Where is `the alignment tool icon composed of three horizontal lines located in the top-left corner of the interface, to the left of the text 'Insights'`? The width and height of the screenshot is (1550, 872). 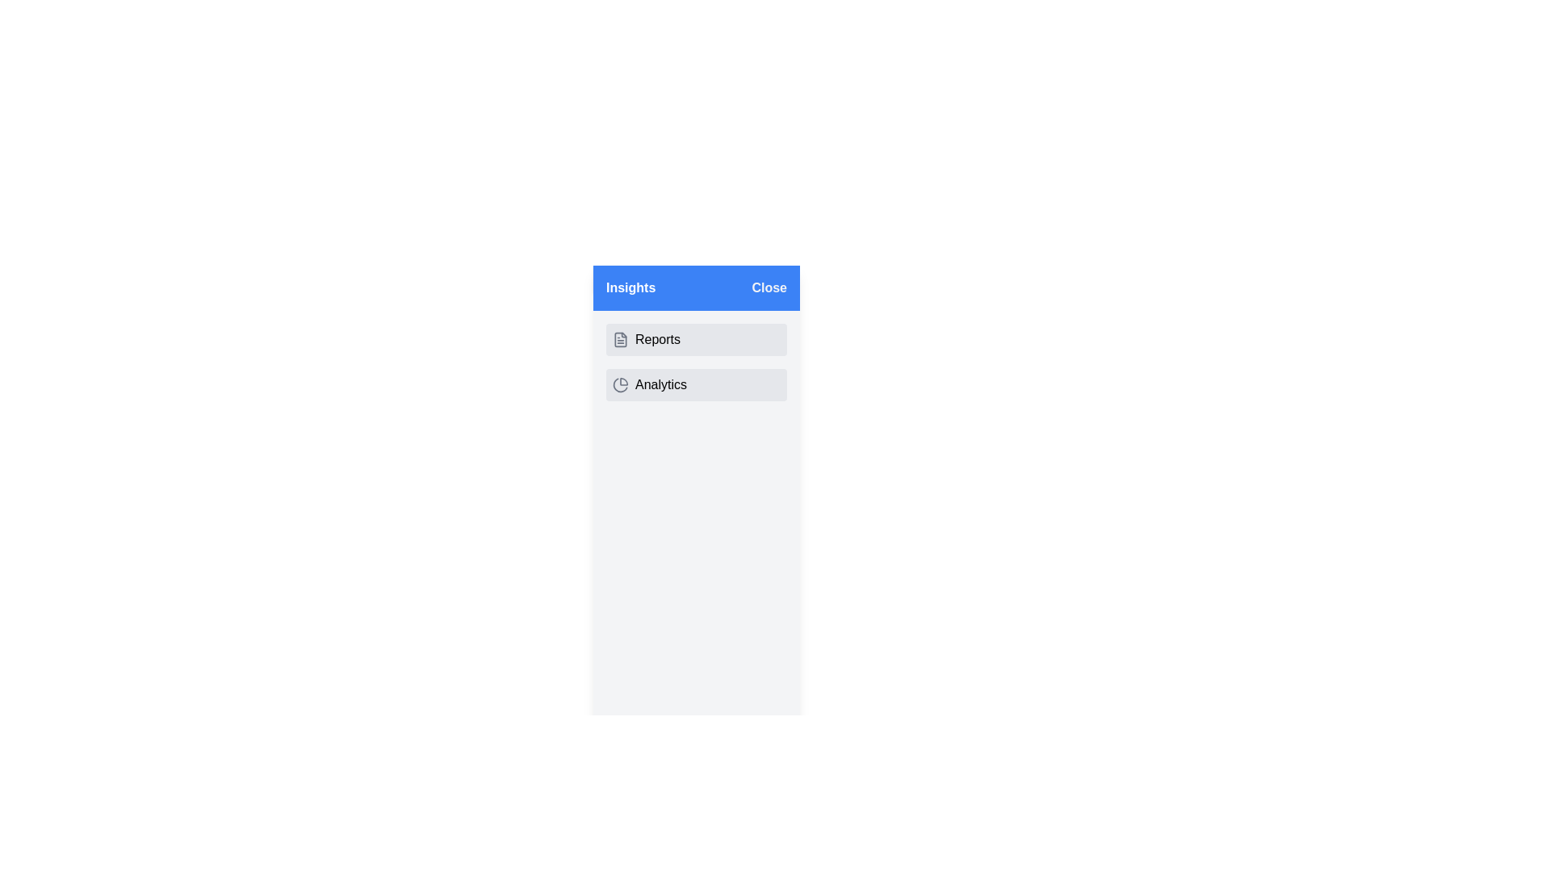 the alignment tool icon composed of three horizontal lines located in the top-left corner of the interface, to the left of the text 'Insights' is located at coordinates (607, 279).